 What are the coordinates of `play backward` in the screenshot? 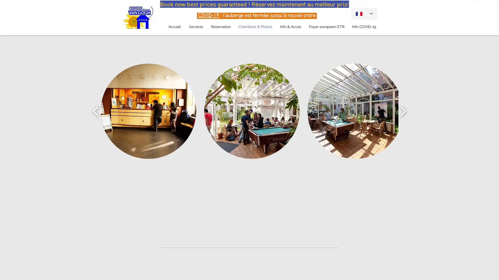 It's located at (96, 111).